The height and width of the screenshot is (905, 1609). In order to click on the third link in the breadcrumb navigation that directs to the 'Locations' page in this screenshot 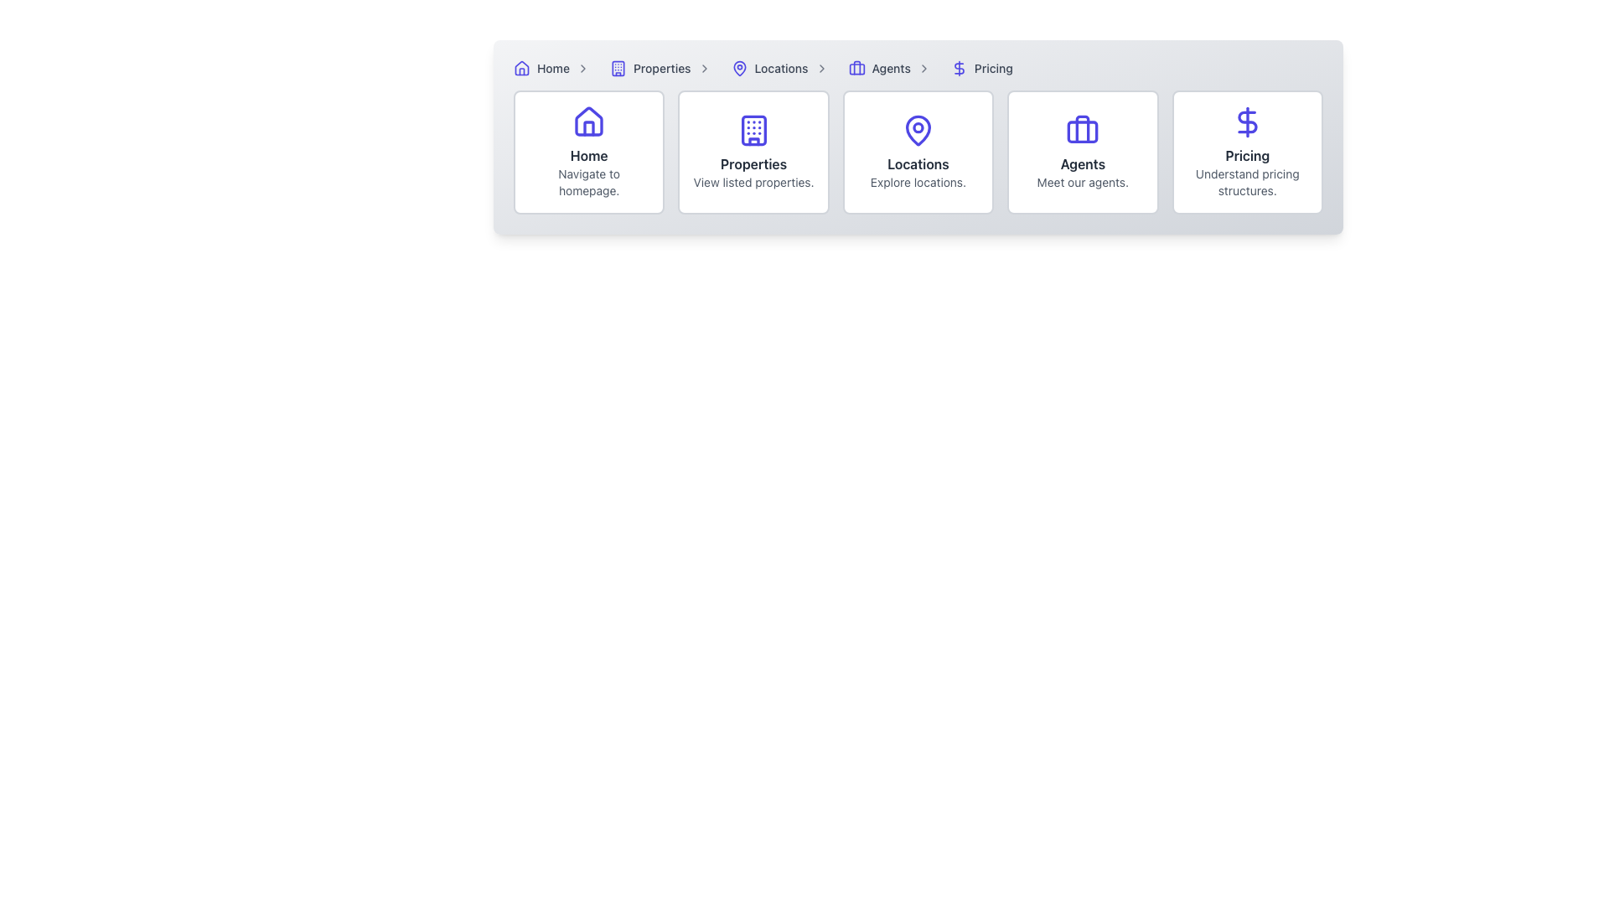, I will do `click(782, 67)`.